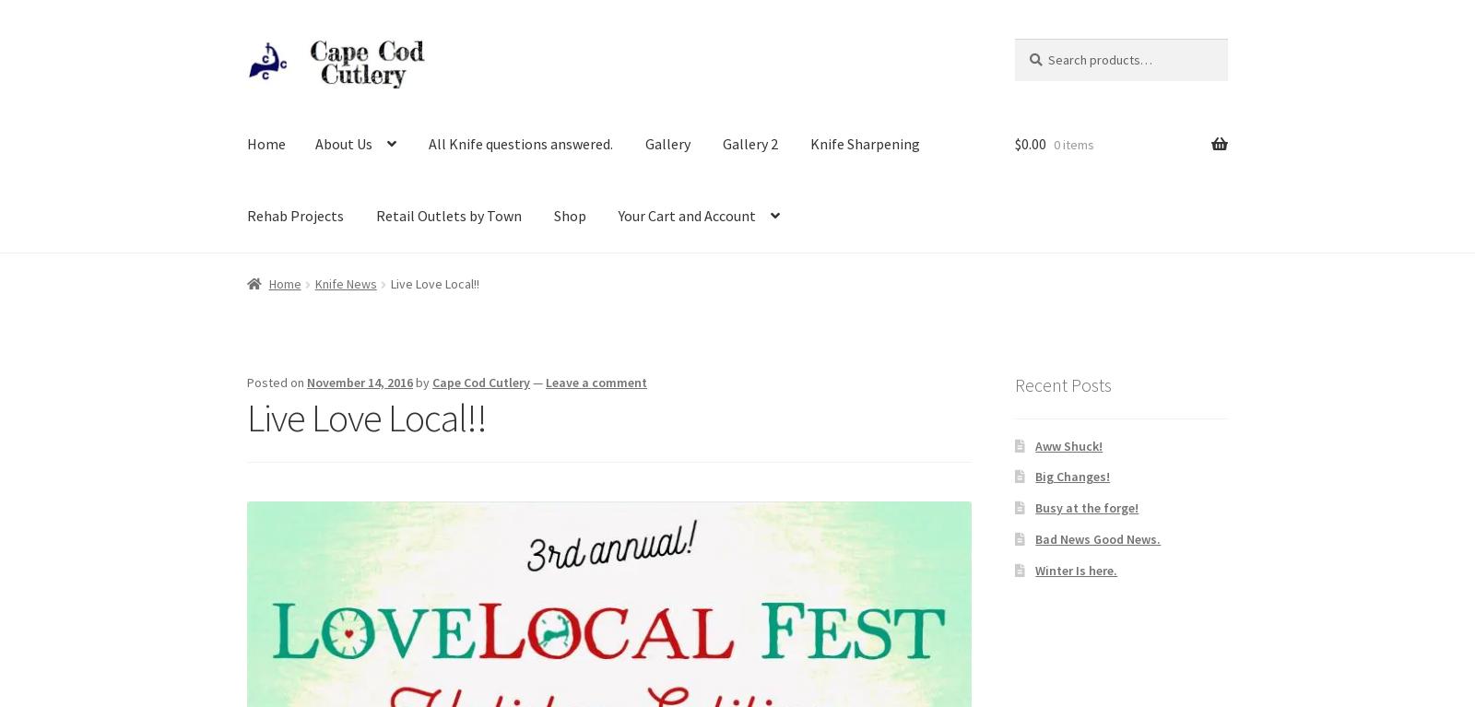 The height and width of the screenshot is (707, 1475). I want to click on '$', so click(1017, 143).